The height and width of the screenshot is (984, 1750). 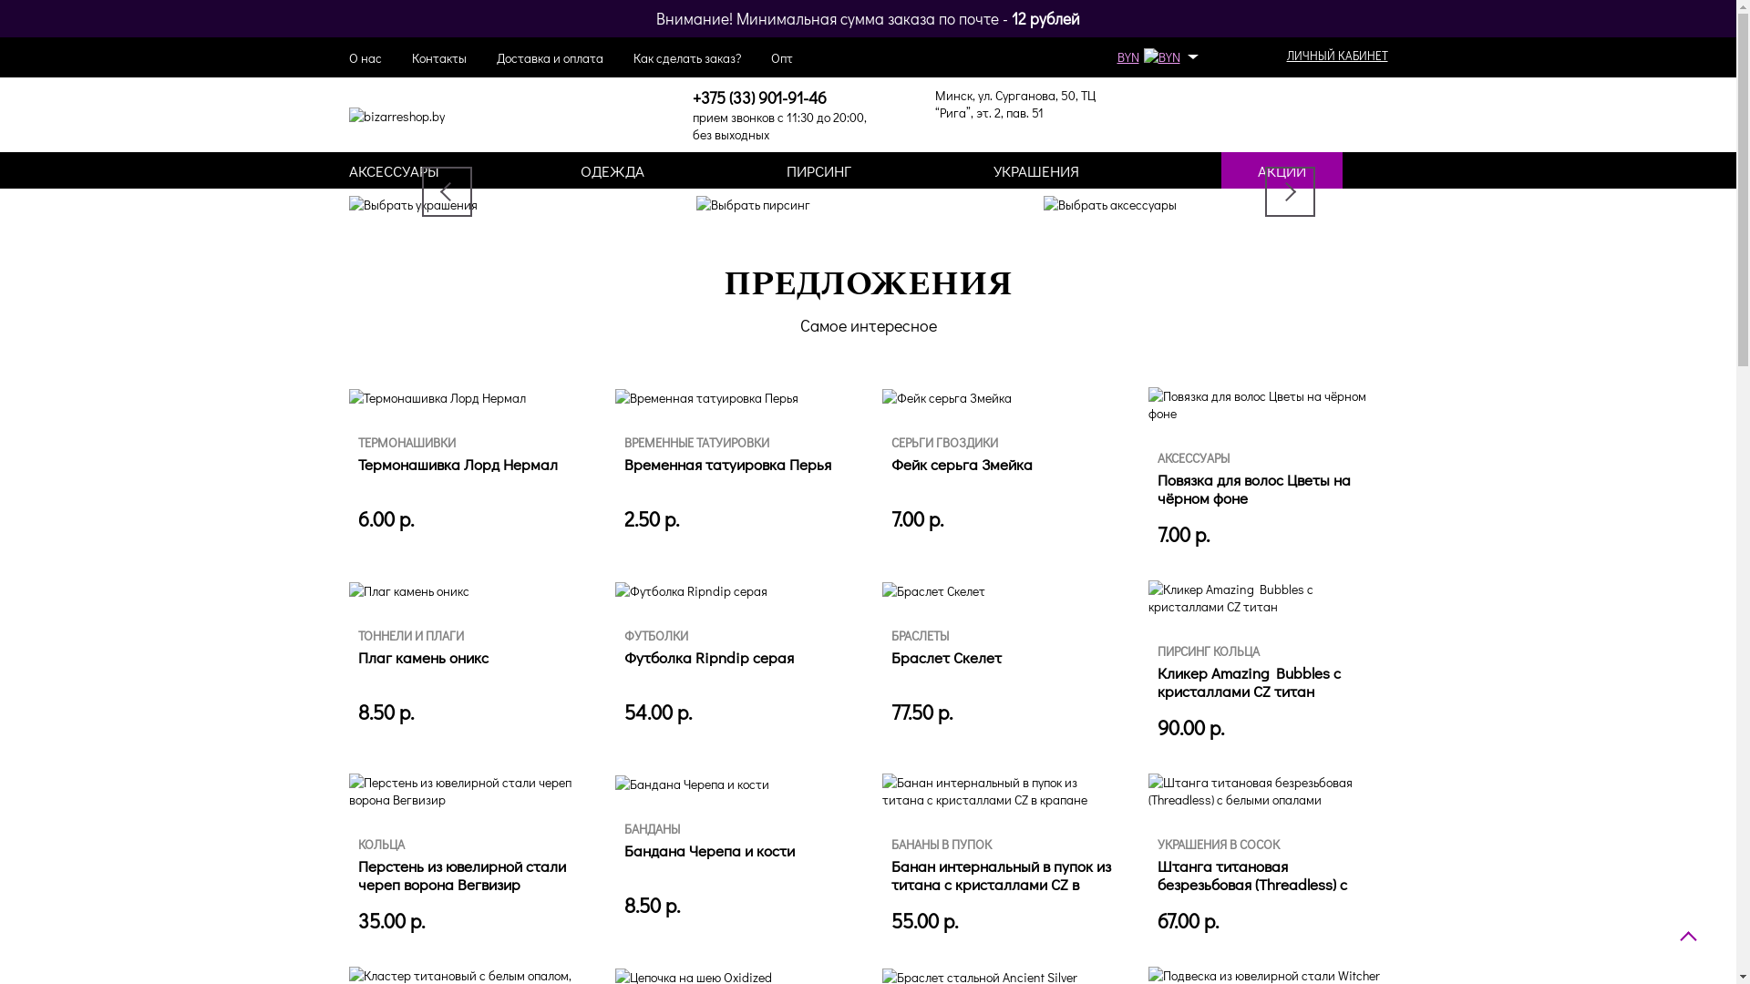 I want to click on '+375 (33) 901-91-46', so click(x=759, y=97).